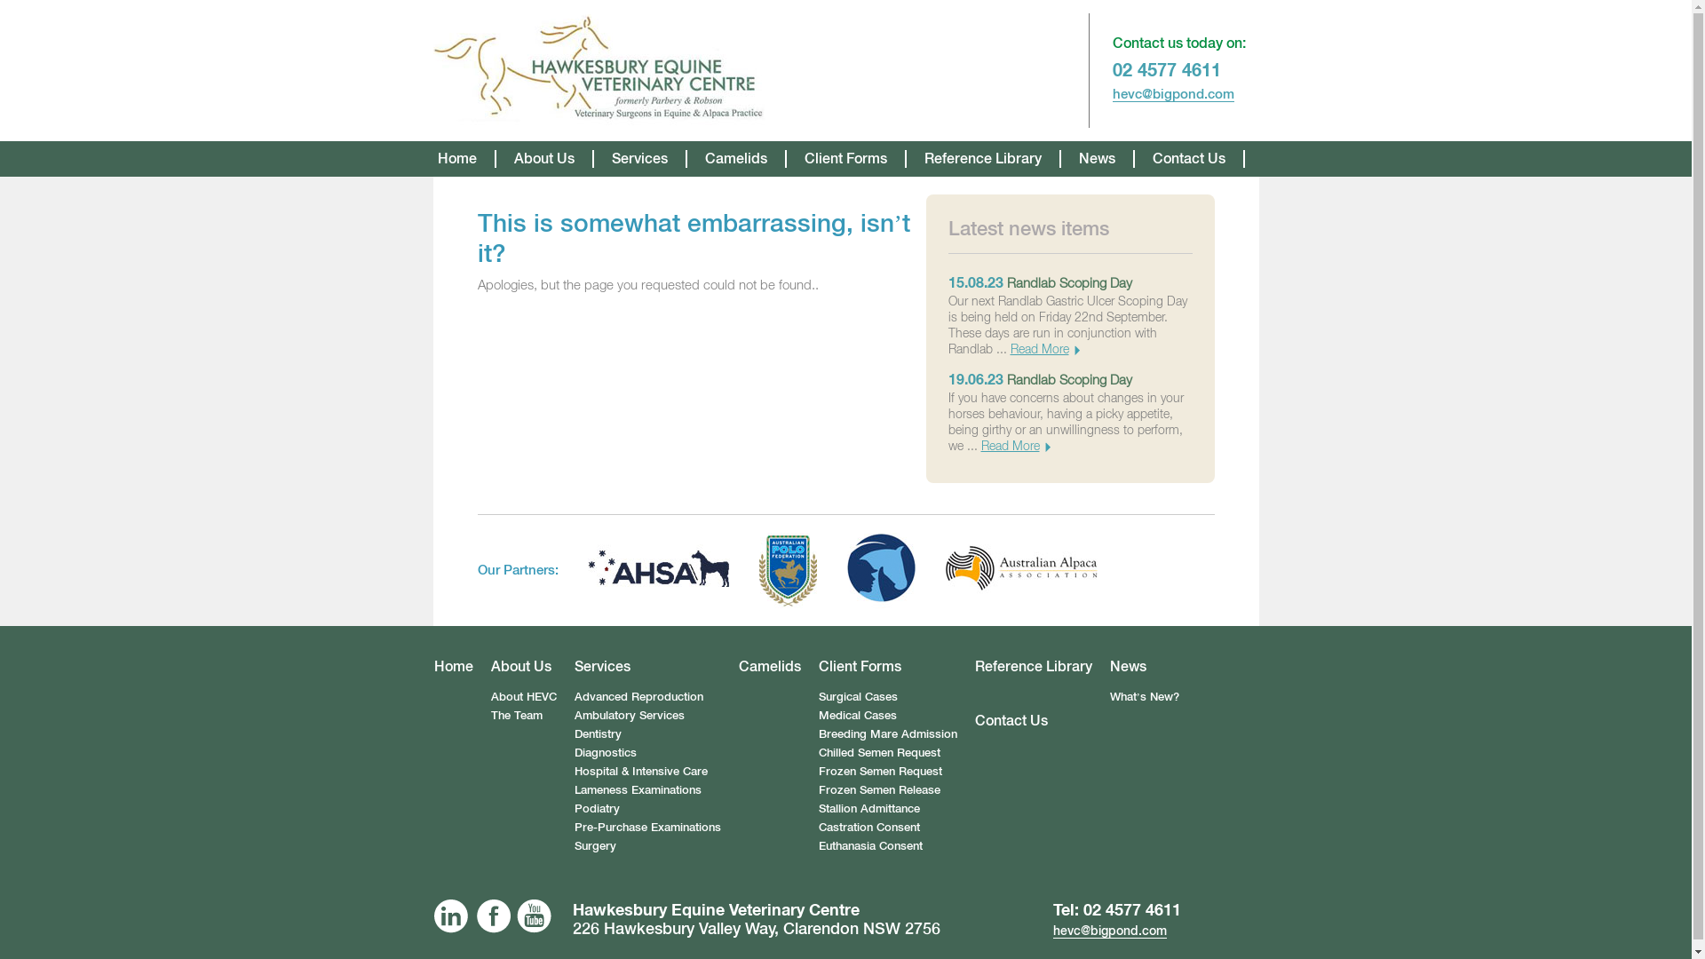 The height and width of the screenshot is (959, 1705). I want to click on 'The University Sydney', so click(846, 570).